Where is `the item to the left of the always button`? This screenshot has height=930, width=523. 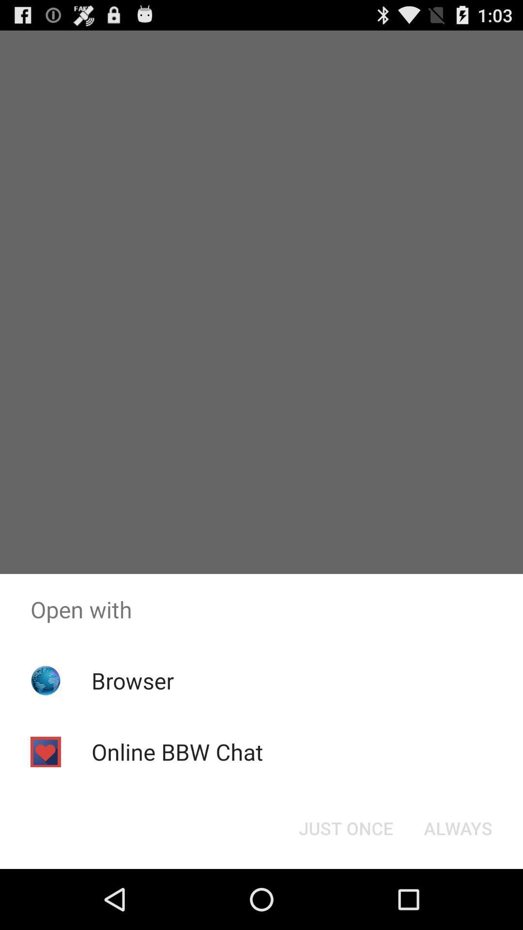
the item to the left of the always button is located at coordinates (345, 827).